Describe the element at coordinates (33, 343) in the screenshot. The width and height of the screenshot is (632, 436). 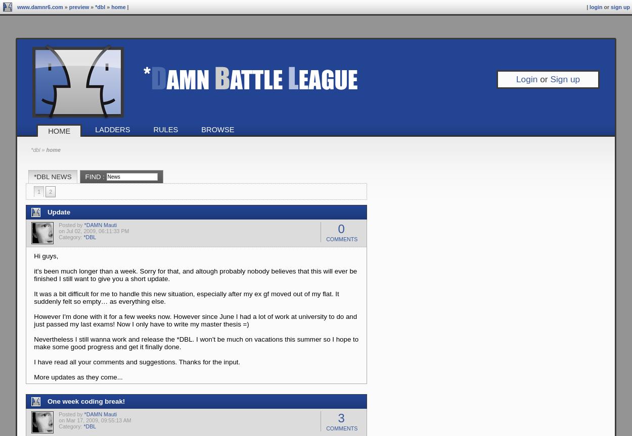
I see `'Nevertheless I still wanna work and release the *DBL. I won't be much on vacations this summer so I hope to make some good progress and get it finally done.'` at that location.